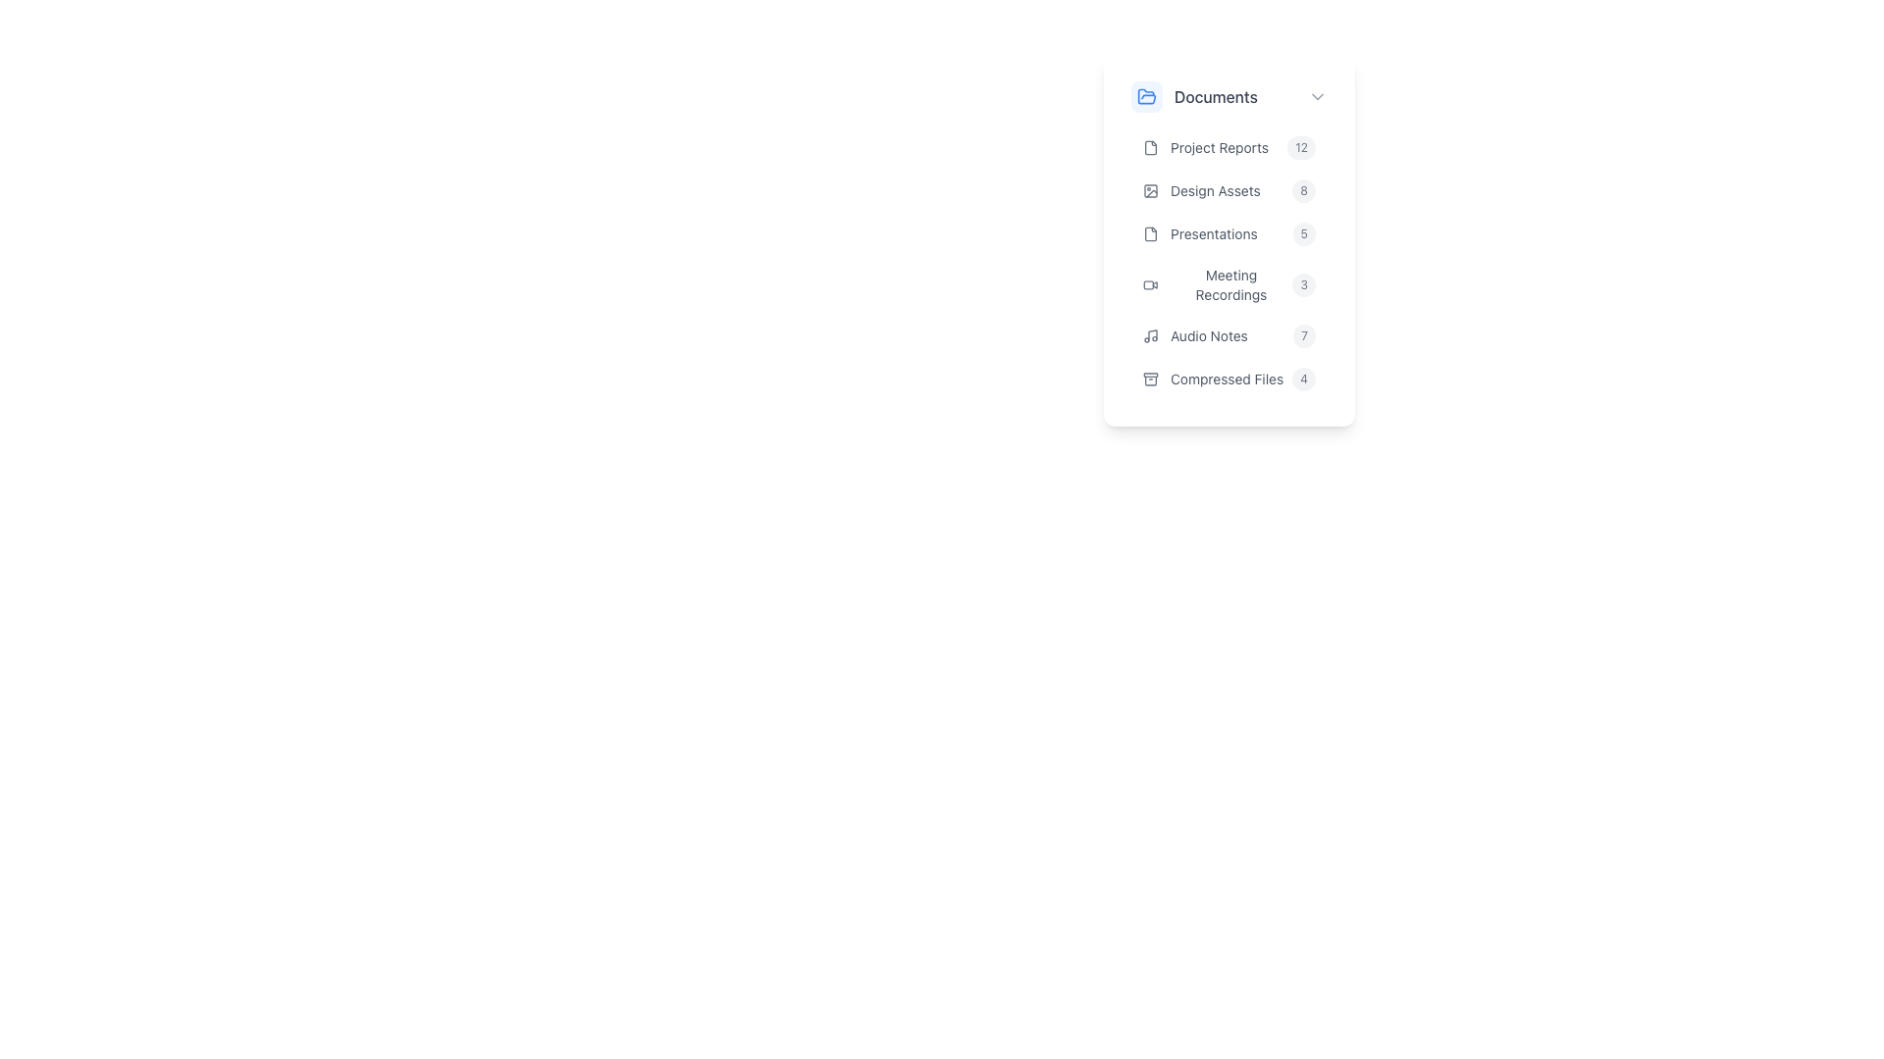 This screenshot has height=1059, width=1884. Describe the element at coordinates (1318, 97) in the screenshot. I see `the rightward-pointing chevron icon next to the 'Documents' label` at that location.